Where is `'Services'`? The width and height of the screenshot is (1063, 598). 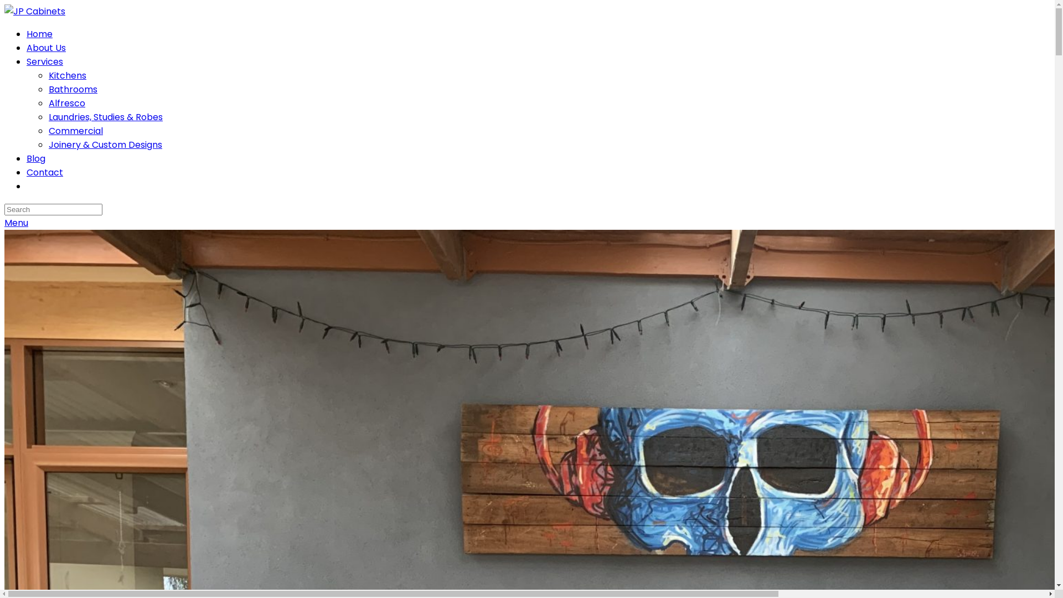 'Services' is located at coordinates (44, 61).